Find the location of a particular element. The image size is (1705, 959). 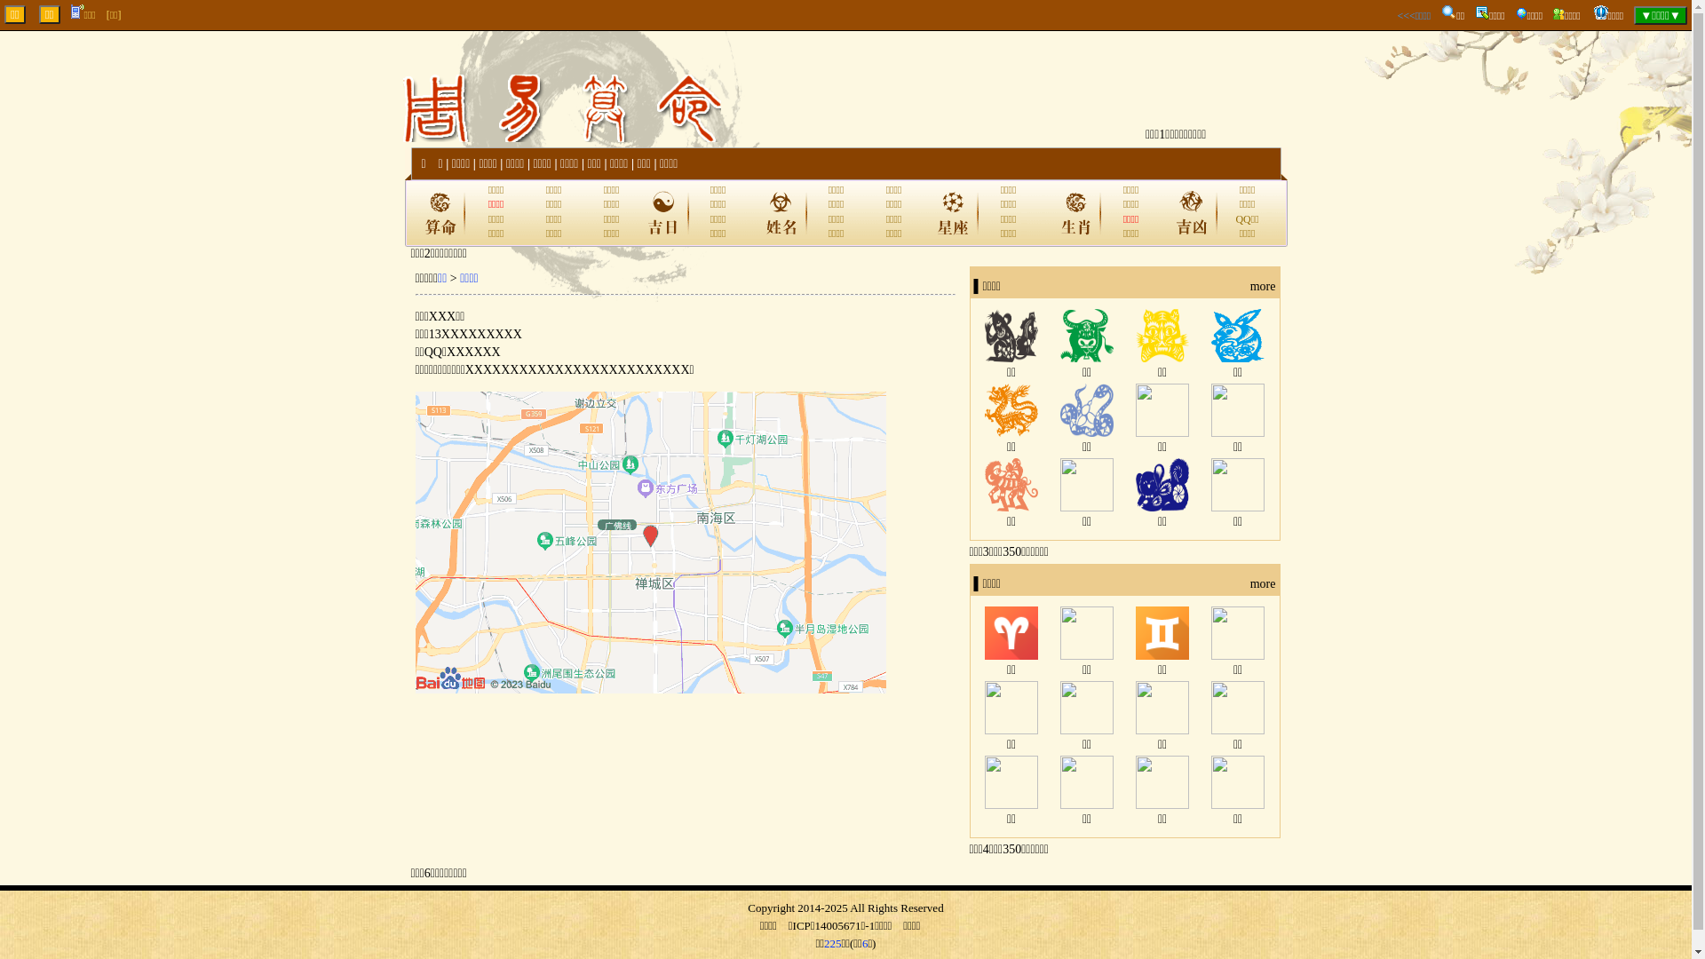

'225' is located at coordinates (831, 942).